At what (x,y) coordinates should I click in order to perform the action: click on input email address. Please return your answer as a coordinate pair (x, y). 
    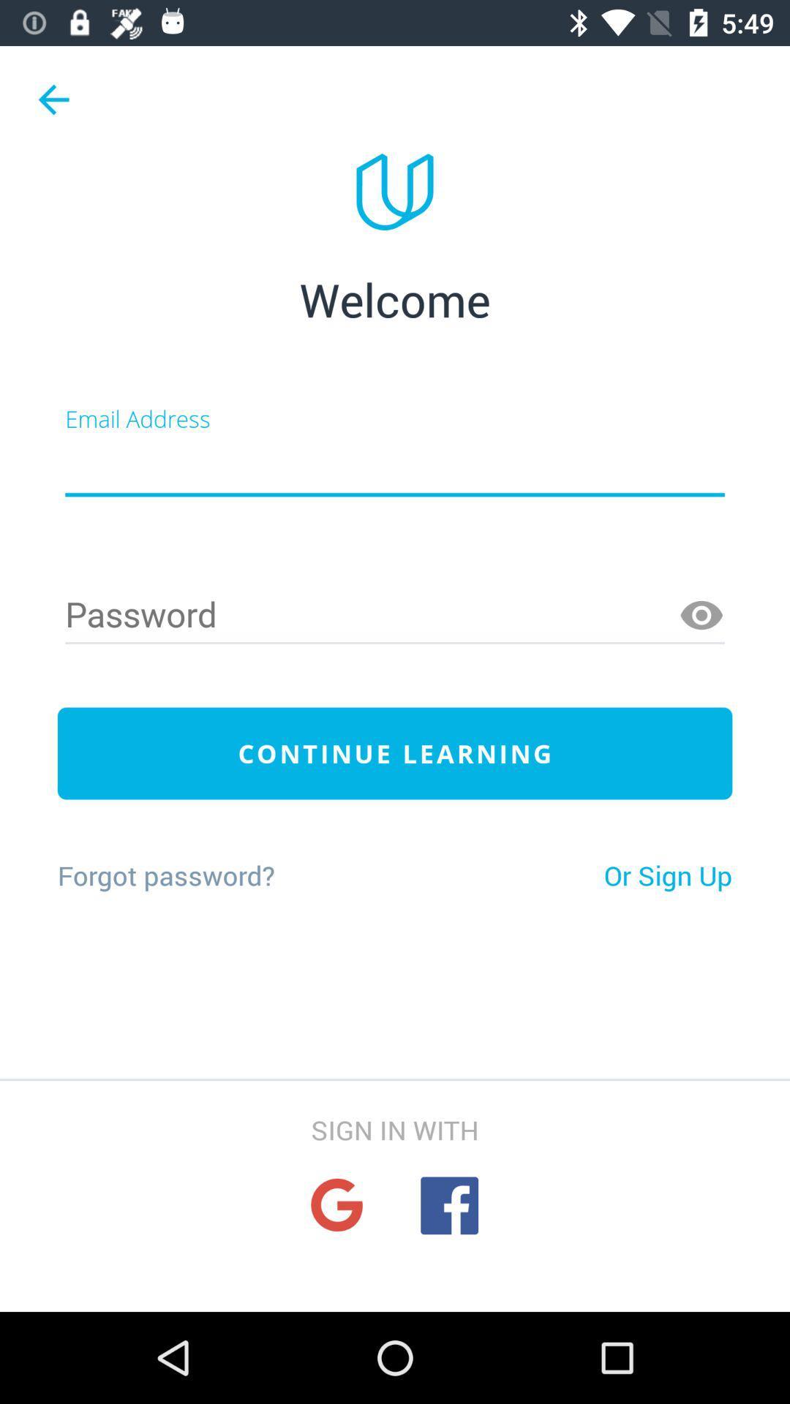
    Looking at the image, I should click on (395, 466).